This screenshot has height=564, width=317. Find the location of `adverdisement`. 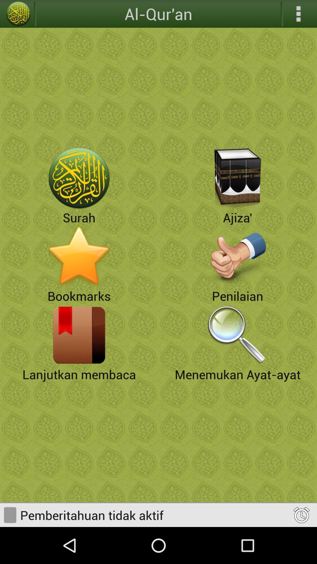

adverdisement is located at coordinates (238, 256).